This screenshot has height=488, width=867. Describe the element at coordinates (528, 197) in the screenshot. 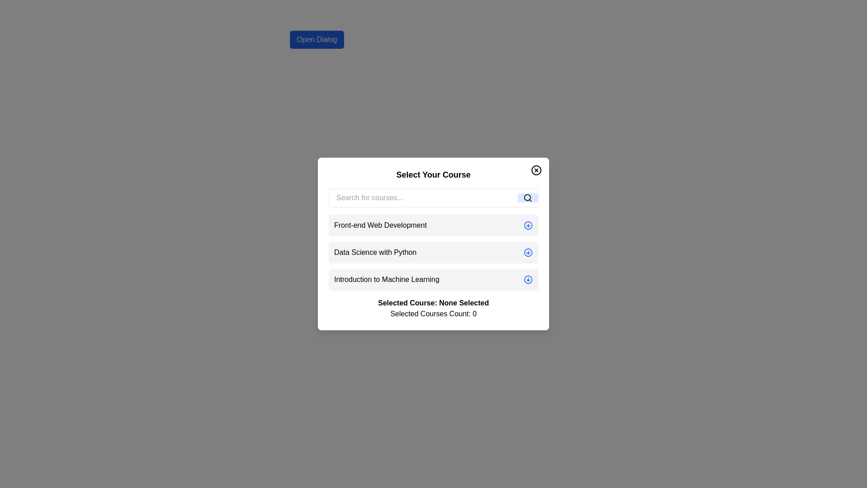

I see `the search icon button located at the right end of the search input field to initiate the search action` at that location.